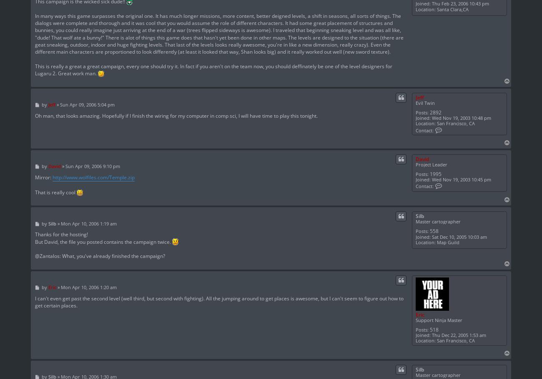 The image size is (542, 379). Describe the element at coordinates (435, 111) in the screenshot. I see `'2892'` at that location.